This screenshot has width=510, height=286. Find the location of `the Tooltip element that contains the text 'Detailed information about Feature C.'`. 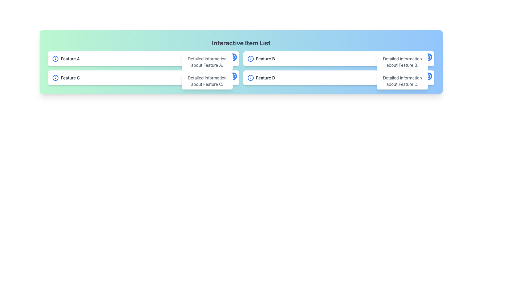

the Tooltip element that contains the text 'Detailed information about Feature C.' is located at coordinates (207, 81).